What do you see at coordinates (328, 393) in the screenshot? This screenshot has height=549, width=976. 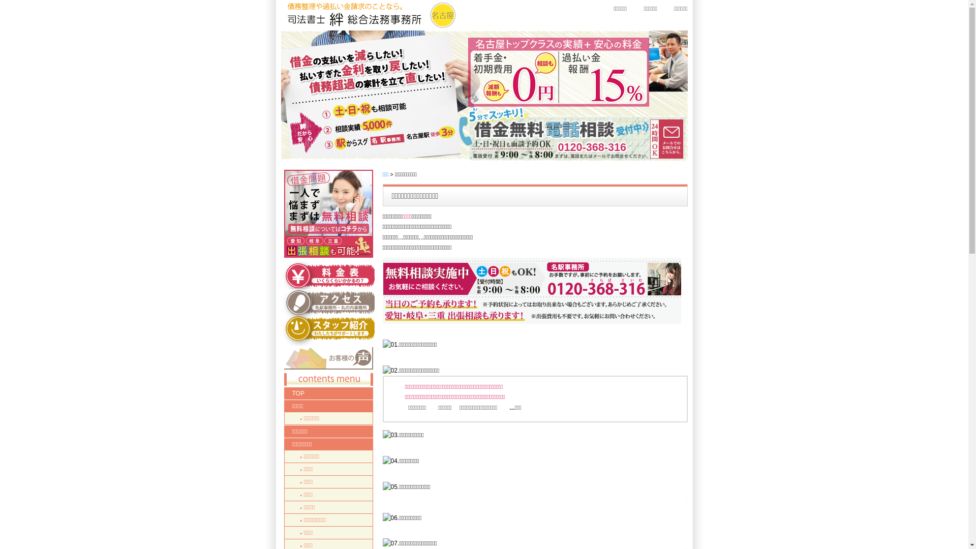 I see `'TOP'` at bounding box center [328, 393].